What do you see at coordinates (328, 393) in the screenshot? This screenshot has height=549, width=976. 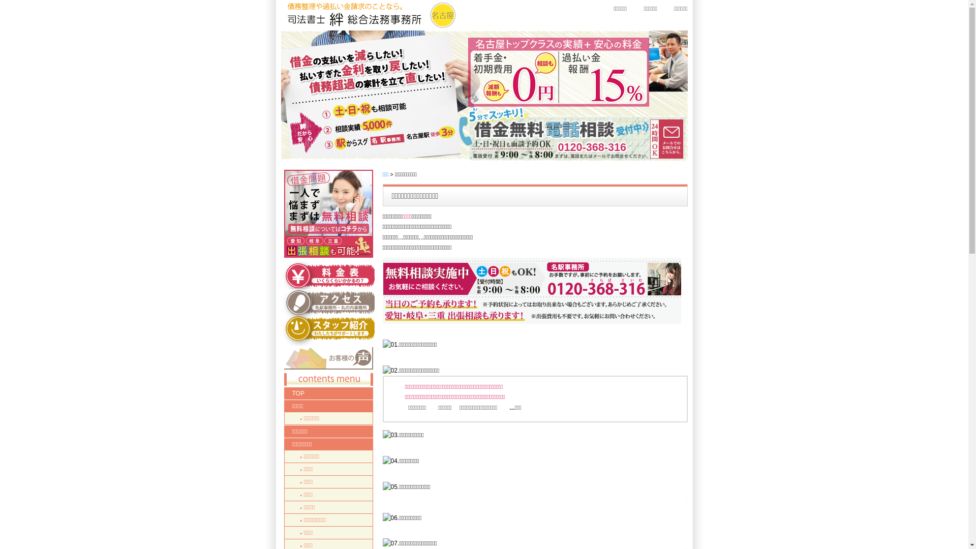 I see `'TOP'` at bounding box center [328, 393].